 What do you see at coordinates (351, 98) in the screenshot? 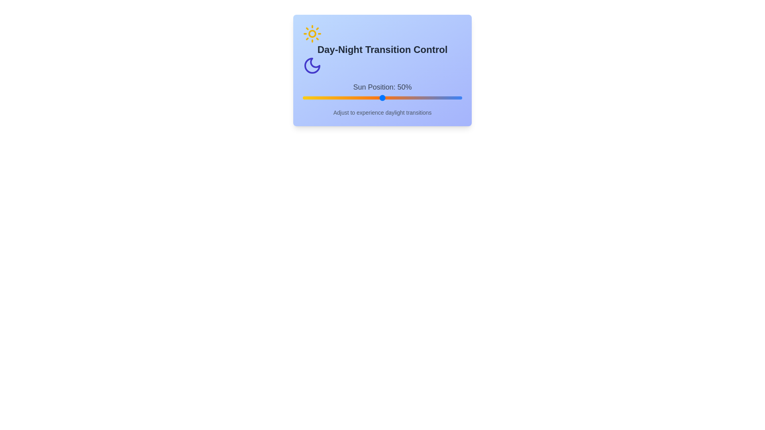
I see `the sun position to 31% by clicking on the slider track` at bounding box center [351, 98].